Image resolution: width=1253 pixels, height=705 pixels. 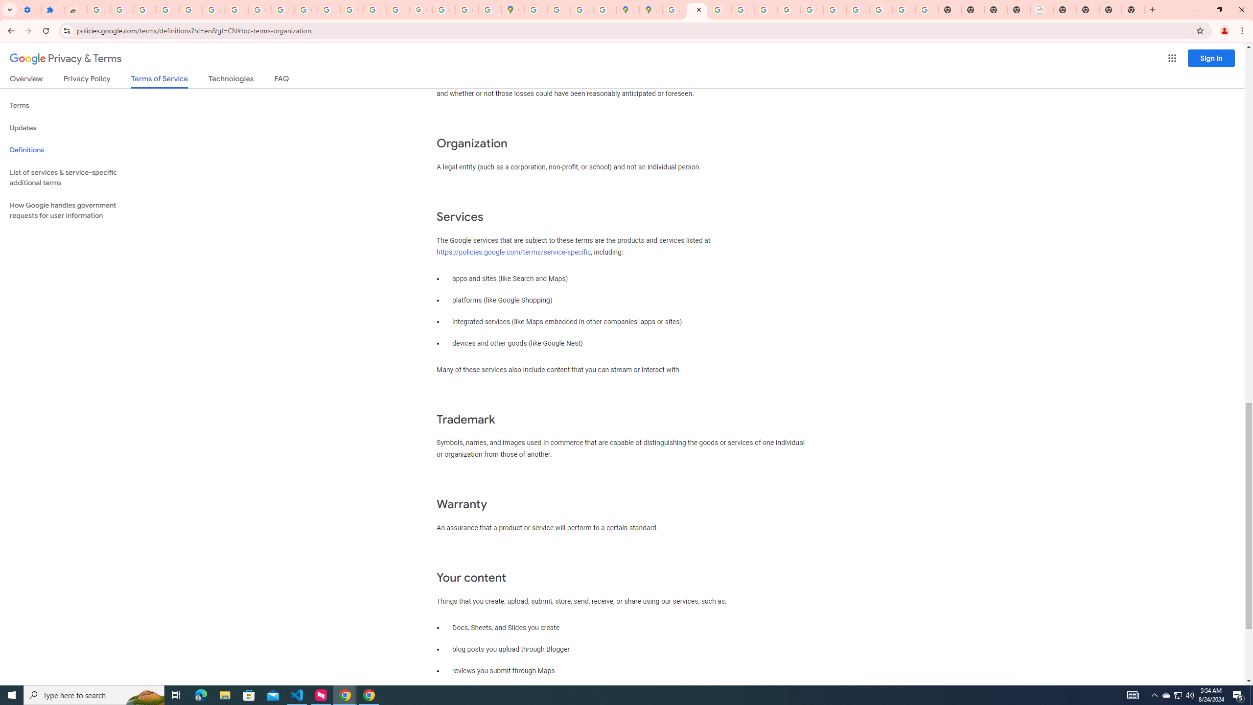 I want to click on 'Technologies', so click(x=231, y=80).